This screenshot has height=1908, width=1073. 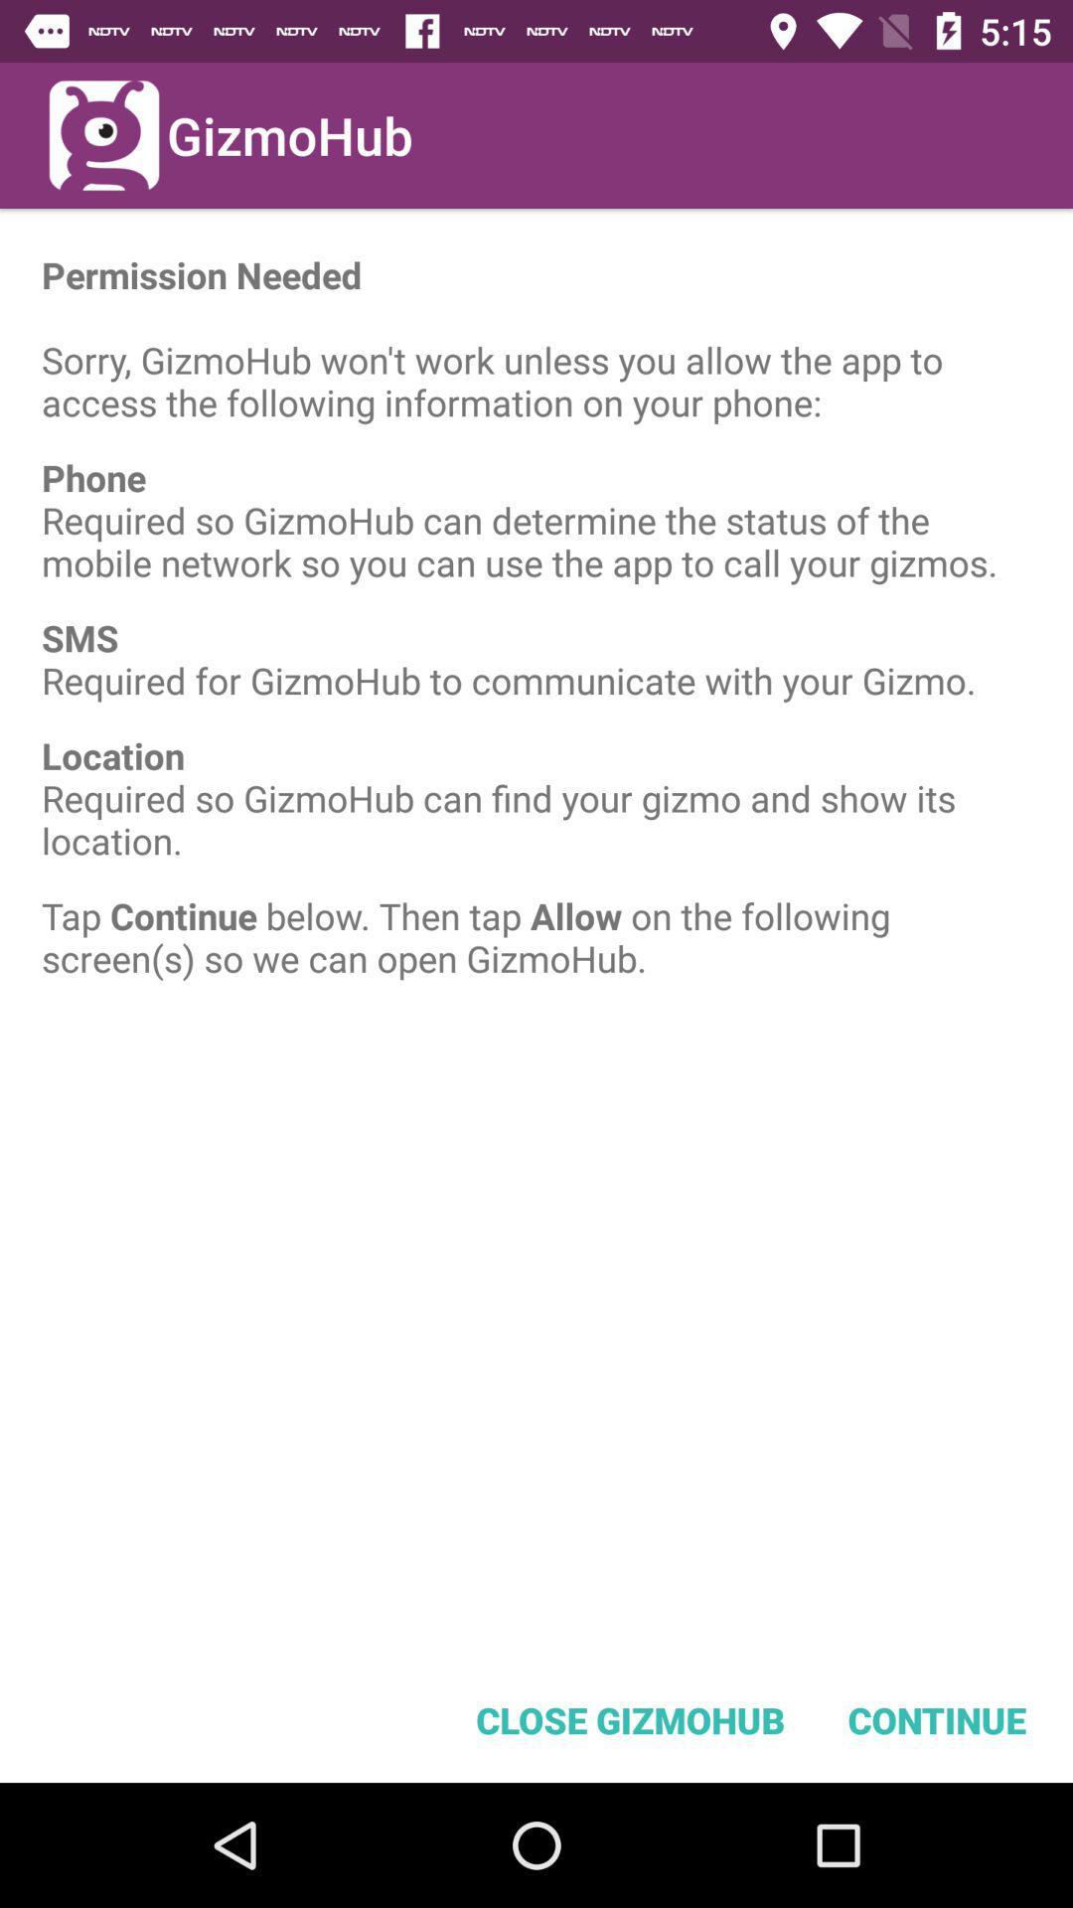 I want to click on item next to the continue item, so click(x=630, y=1719).